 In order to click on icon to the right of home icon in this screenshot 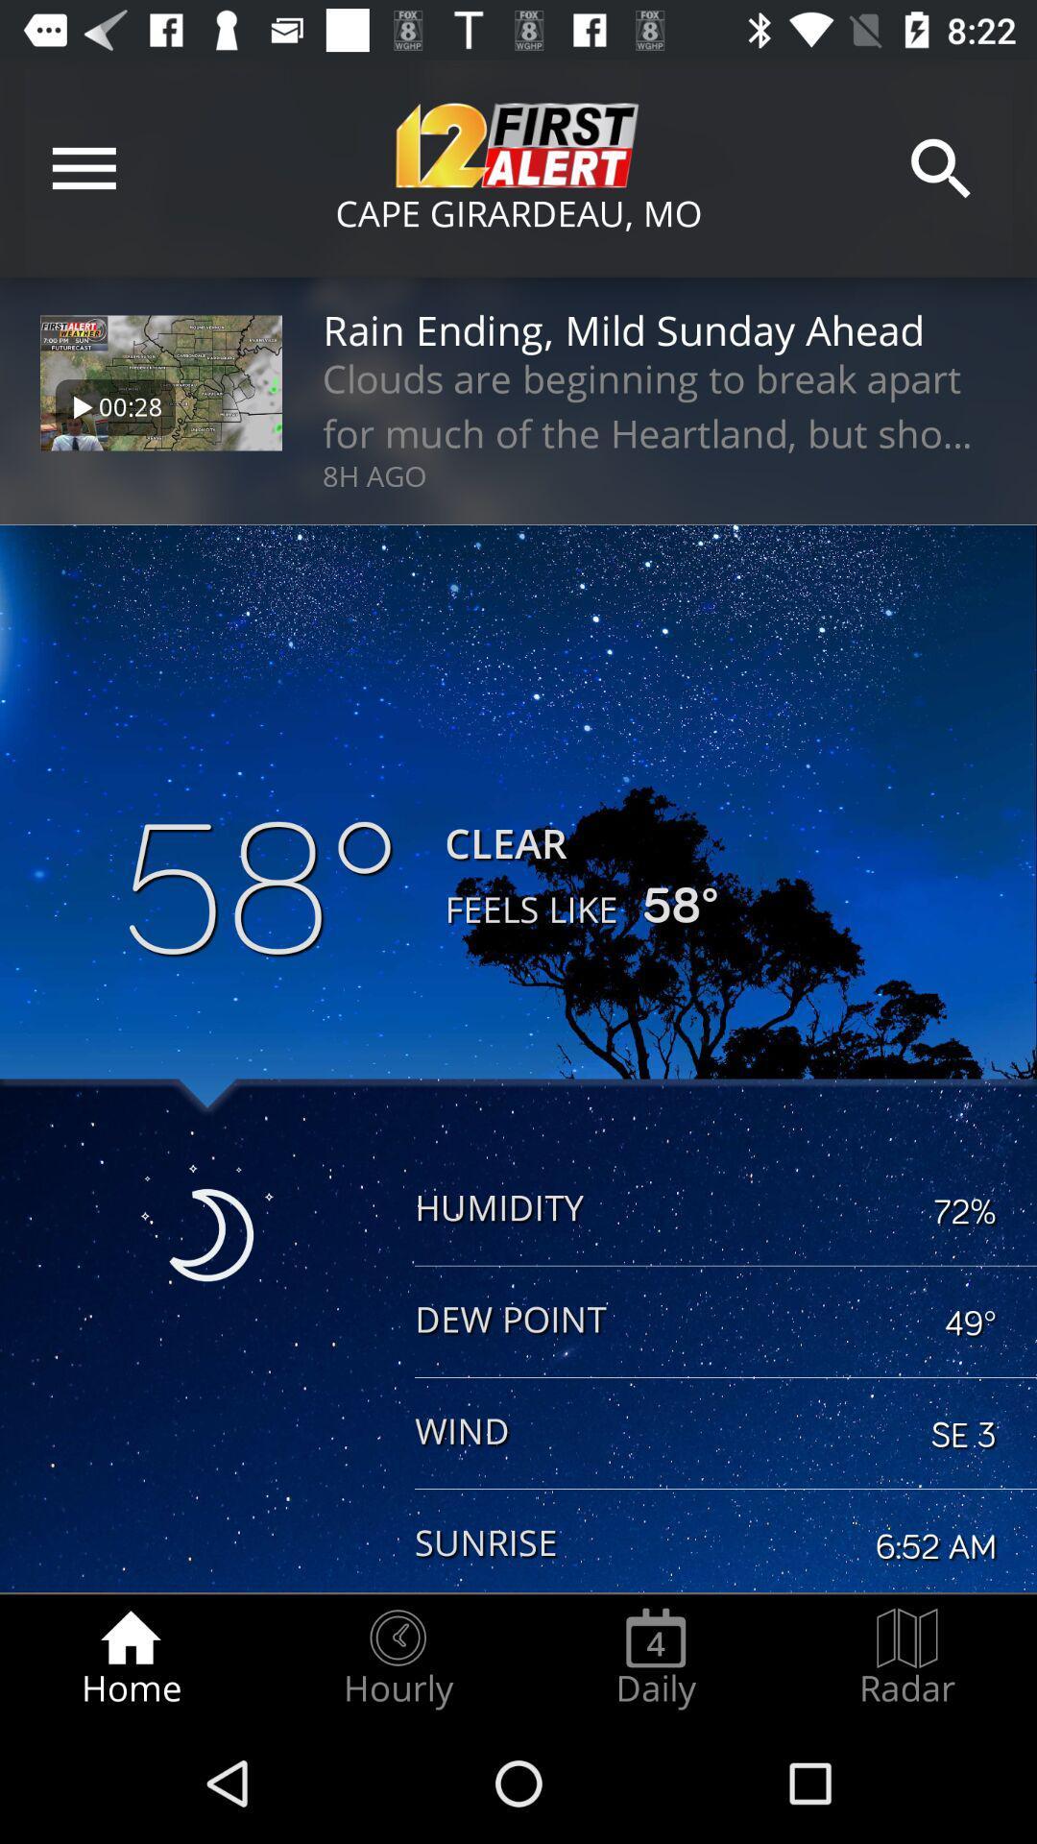, I will do `click(397, 1658)`.